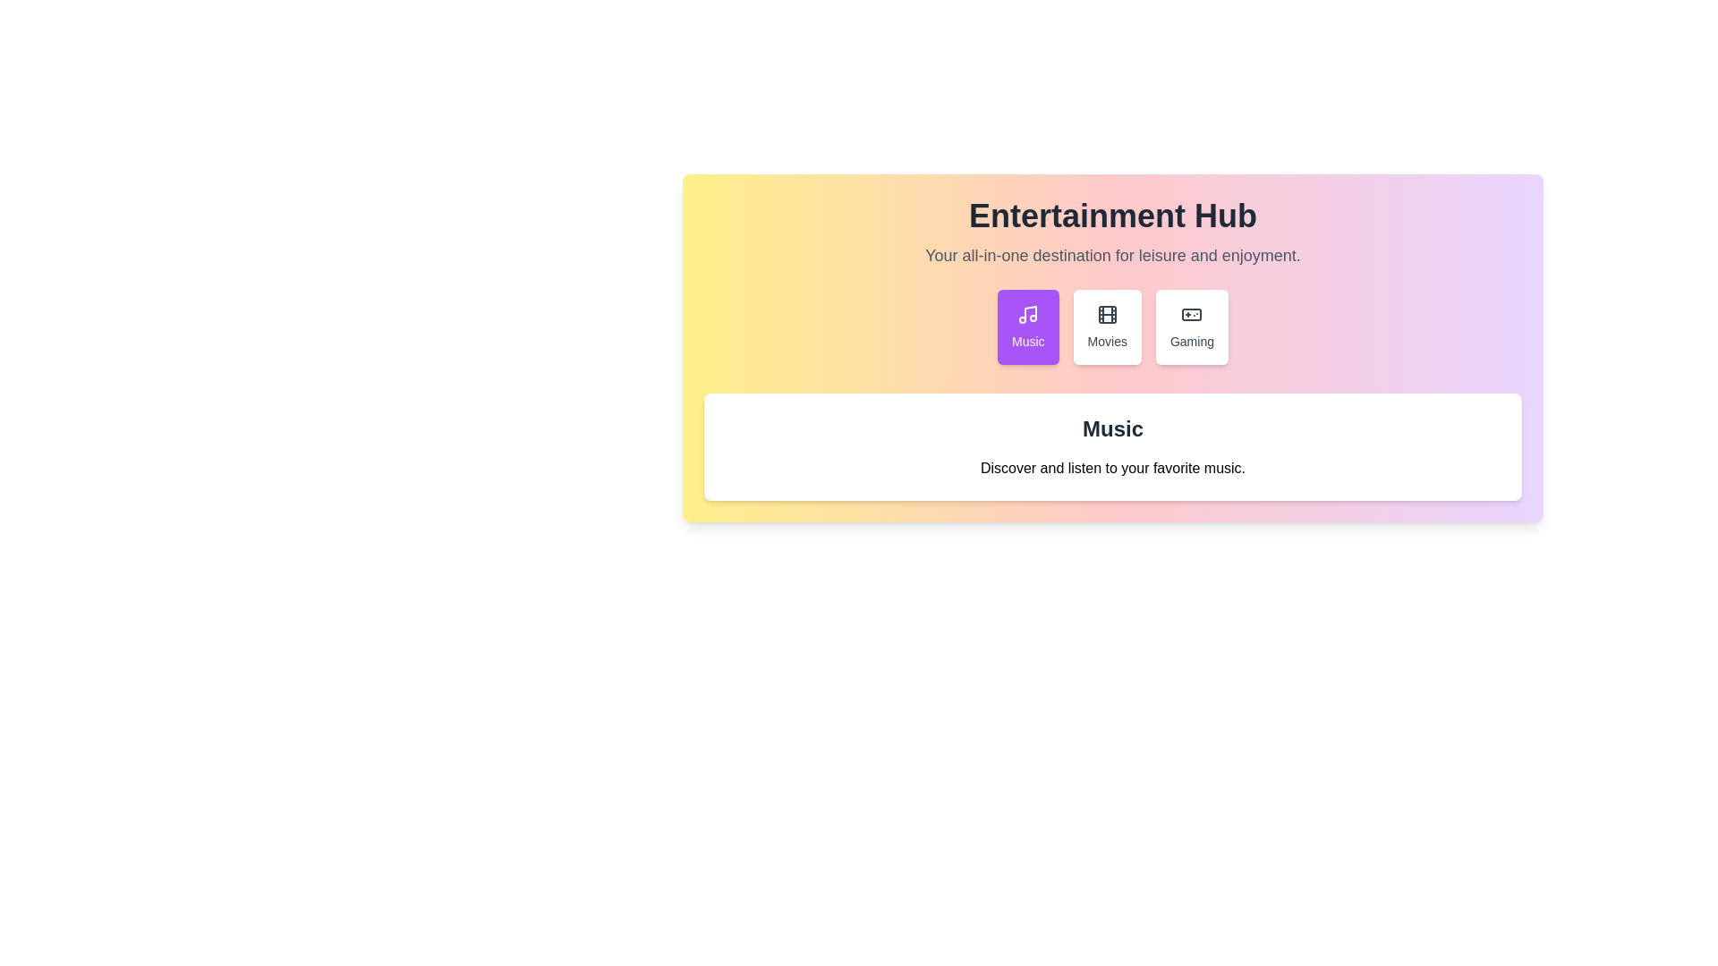 The height and width of the screenshot is (966, 1718). What do you see at coordinates (1192, 313) in the screenshot?
I see `the gamepad icon, which is a rectangular element with rounded corners located to the right of the 'Gaming' button in the 'Entertainment Hub' section` at bounding box center [1192, 313].